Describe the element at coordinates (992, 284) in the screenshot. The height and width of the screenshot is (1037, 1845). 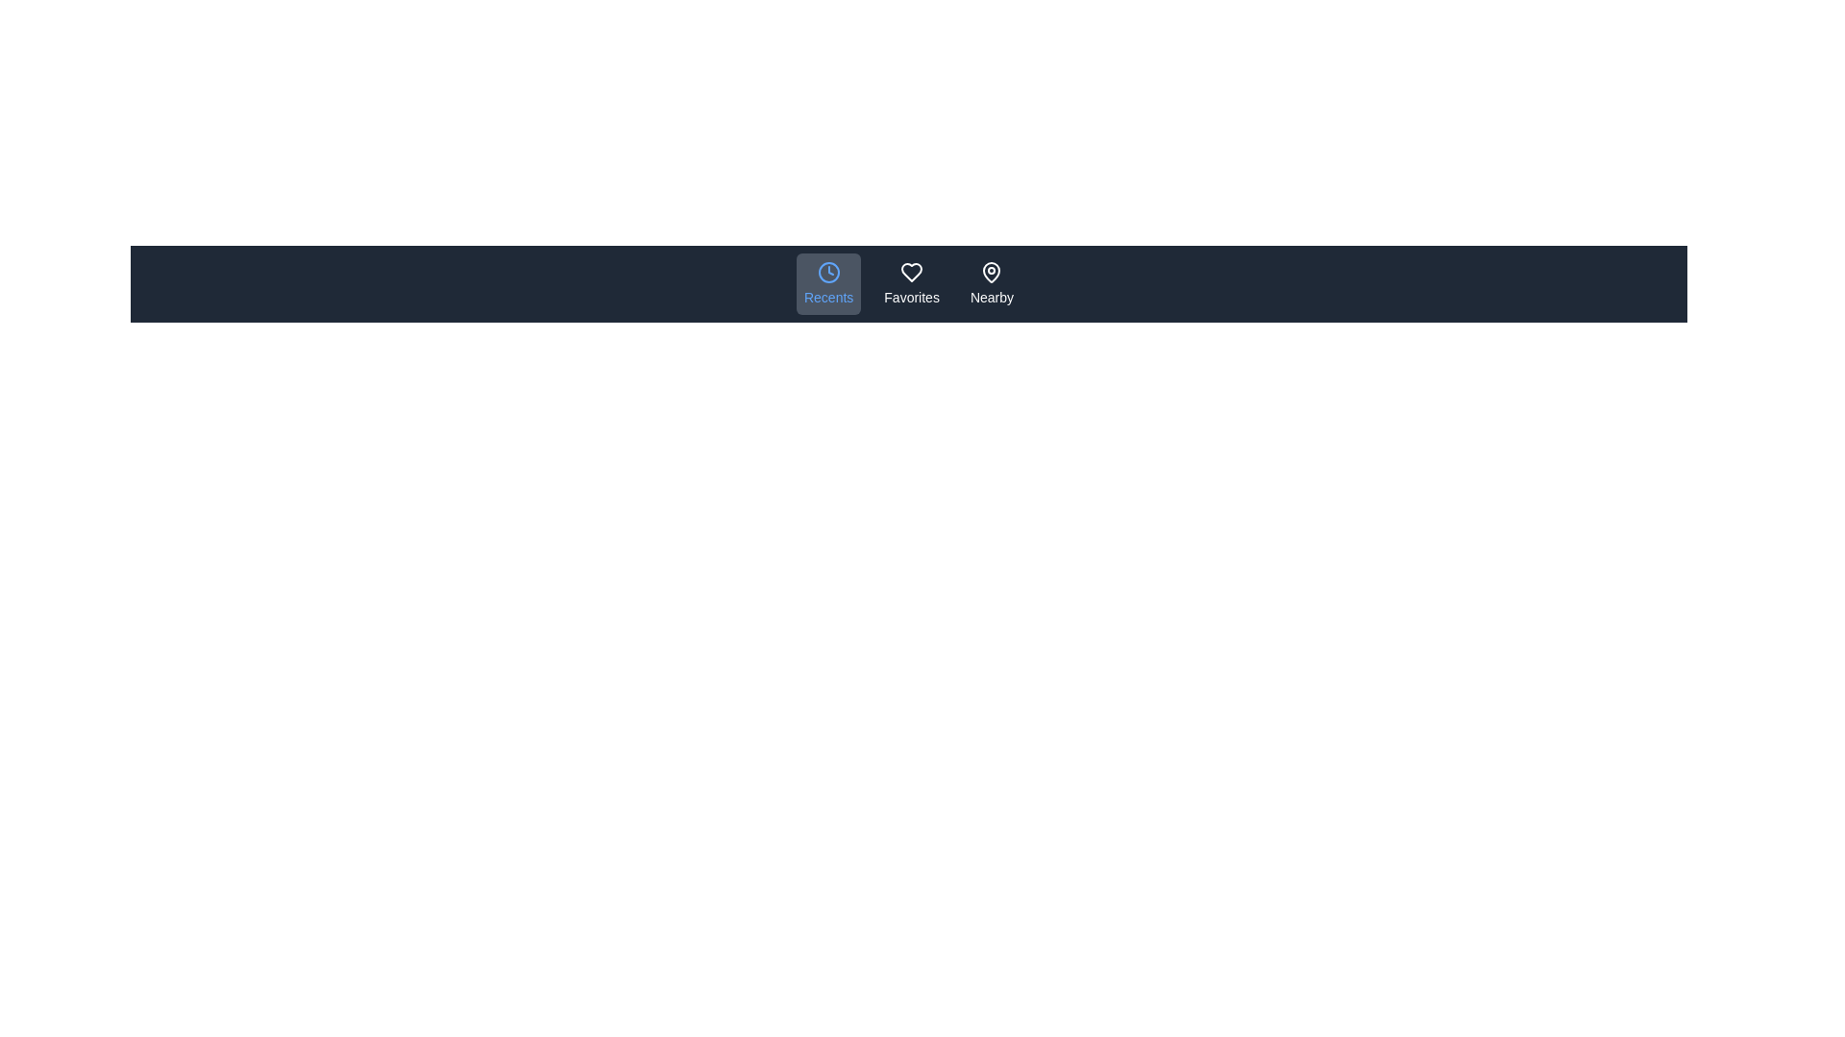
I see `the Nearby icon in the navigation bar` at that location.